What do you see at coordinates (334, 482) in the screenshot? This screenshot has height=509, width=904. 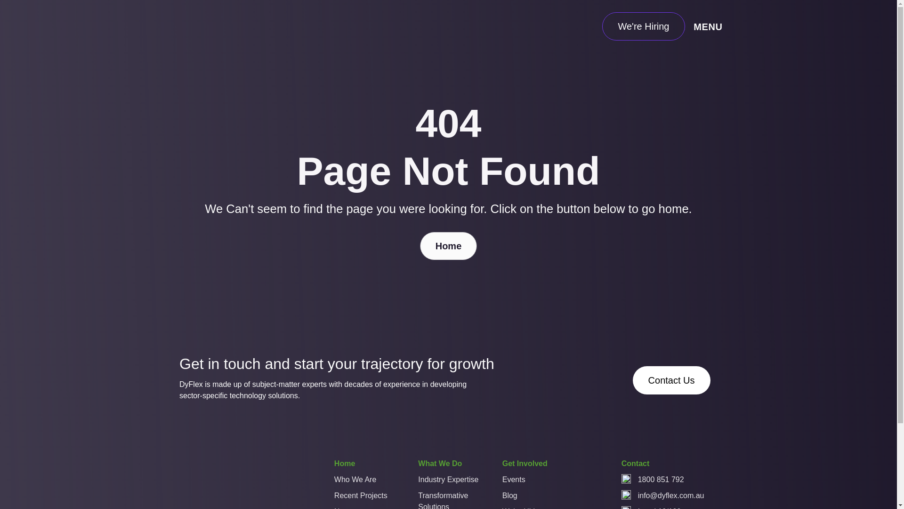 I see `'Who We Are'` at bounding box center [334, 482].